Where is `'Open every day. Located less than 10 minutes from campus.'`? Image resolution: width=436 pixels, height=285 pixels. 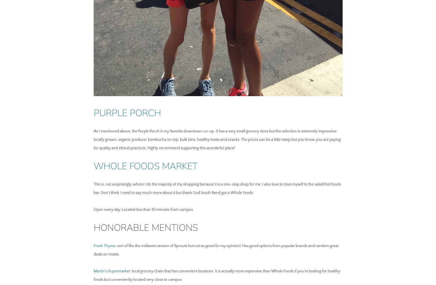
'Open every day. Located less than 10 minutes from campus.' is located at coordinates (143, 209).